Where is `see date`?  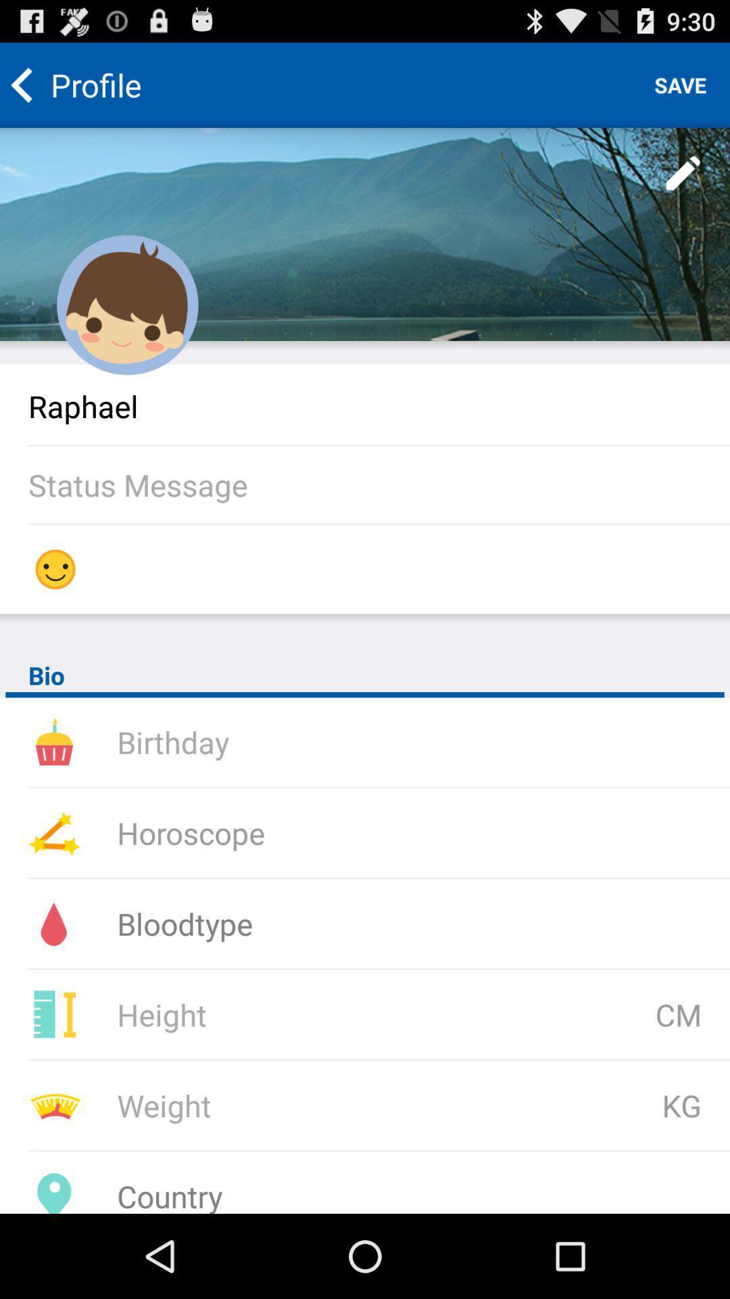
see date is located at coordinates (296, 741).